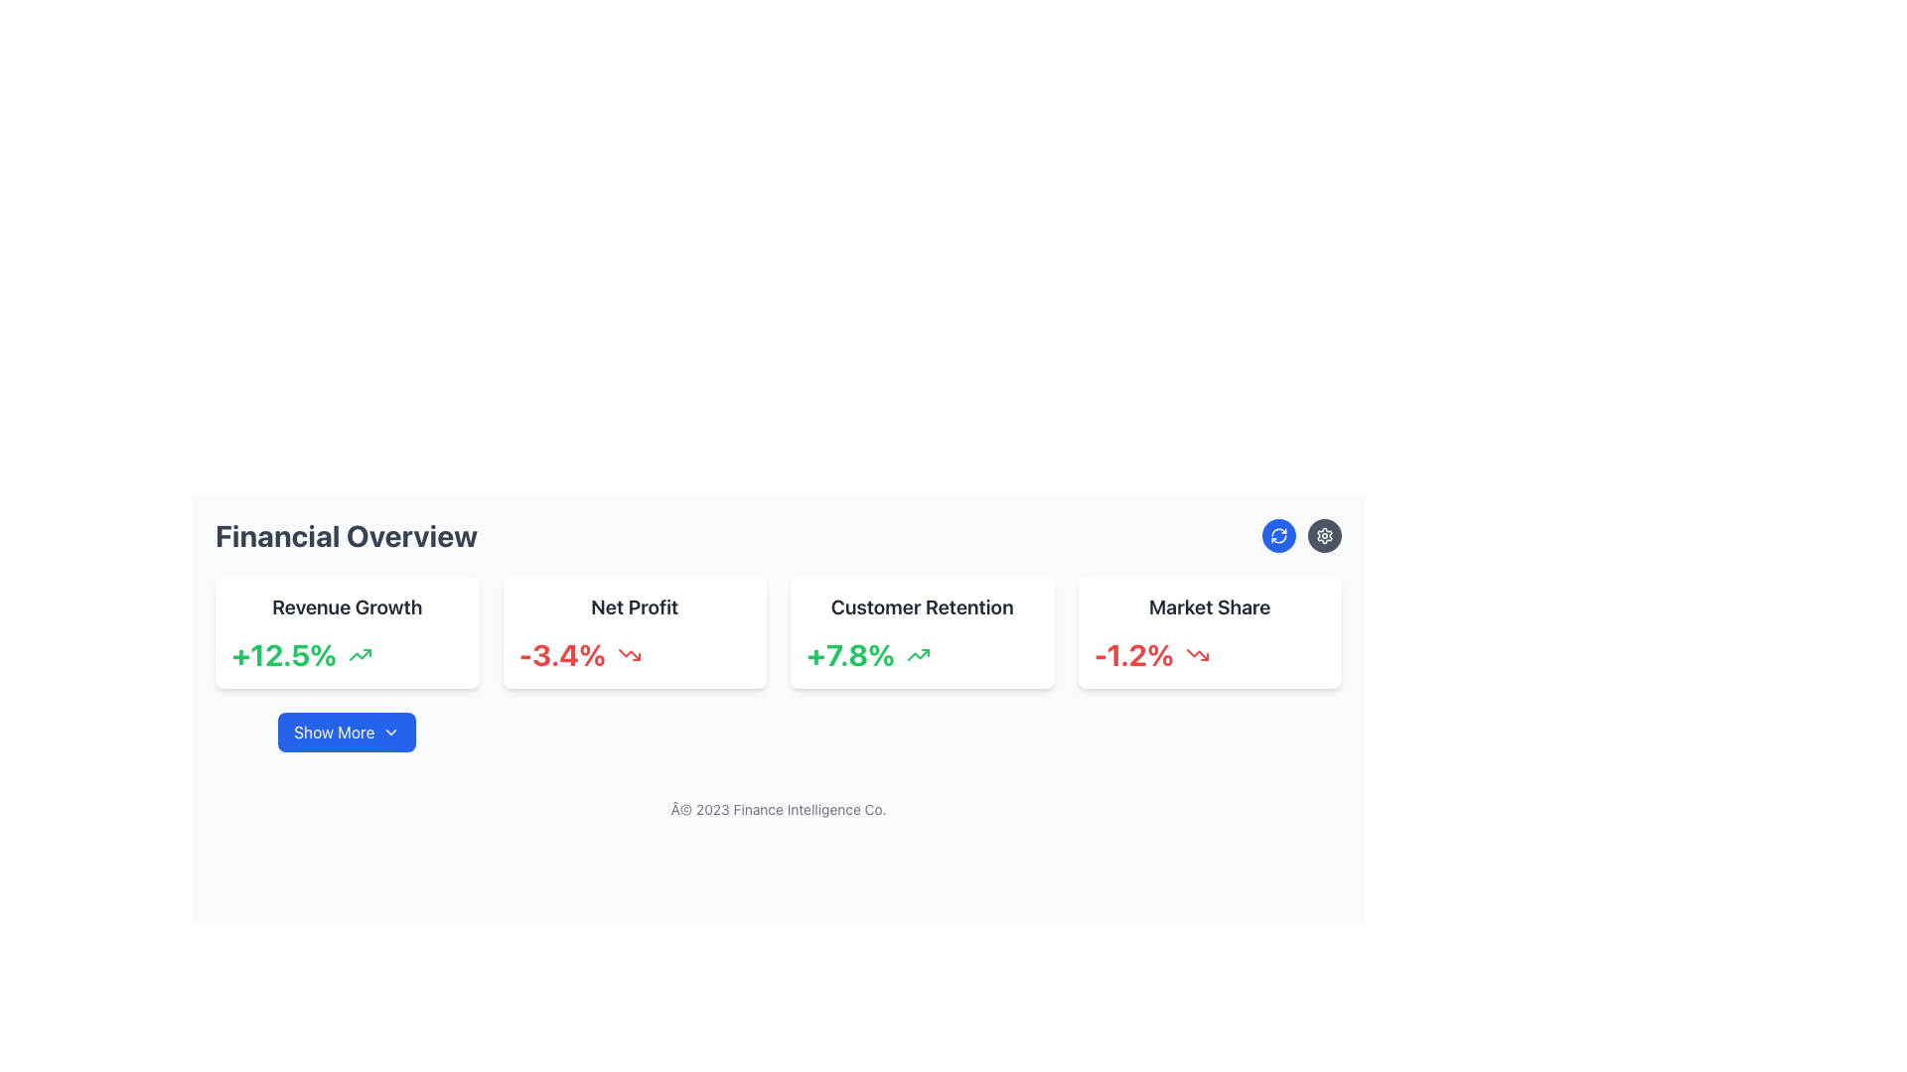  What do you see at coordinates (1209, 654) in the screenshot?
I see `the Text and Icon Combination indicating a negative percentage change for 'Market Share', located within the 'Financial Overview' section` at bounding box center [1209, 654].